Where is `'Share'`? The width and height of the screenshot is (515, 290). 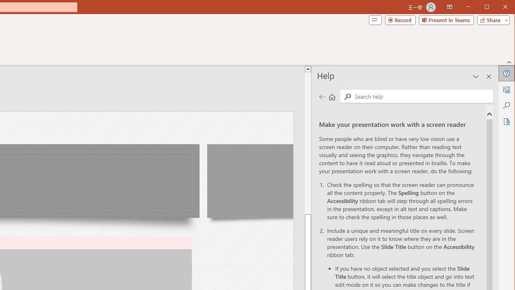 'Share' is located at coordinates (491, 20).